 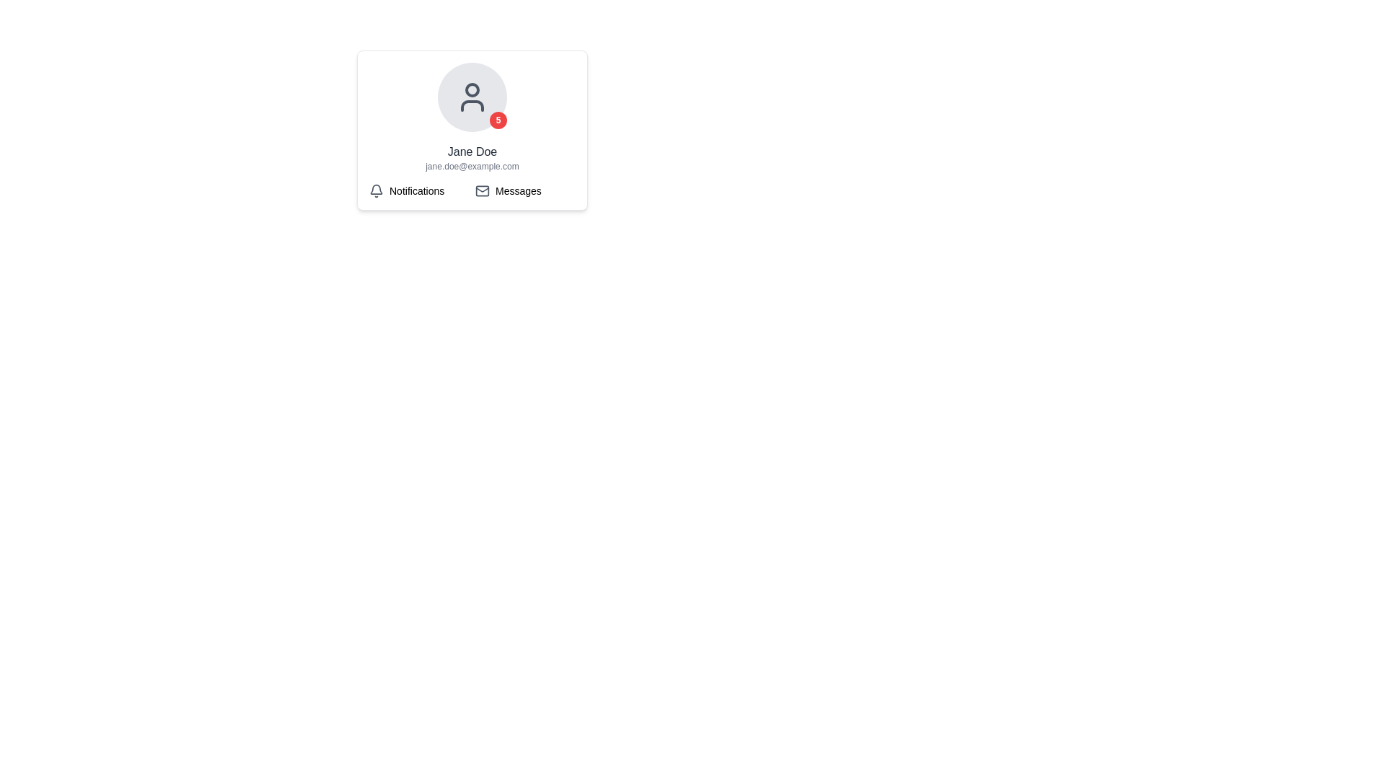 What do you see at coordinates (472, 190) in the screenshot?
I see `the 'Notifications' section, which is represented by a bell icon followed by the label 'Notifications' in a grid layout at the bottom section of a card-like interface` at bounding box center [472, 190].